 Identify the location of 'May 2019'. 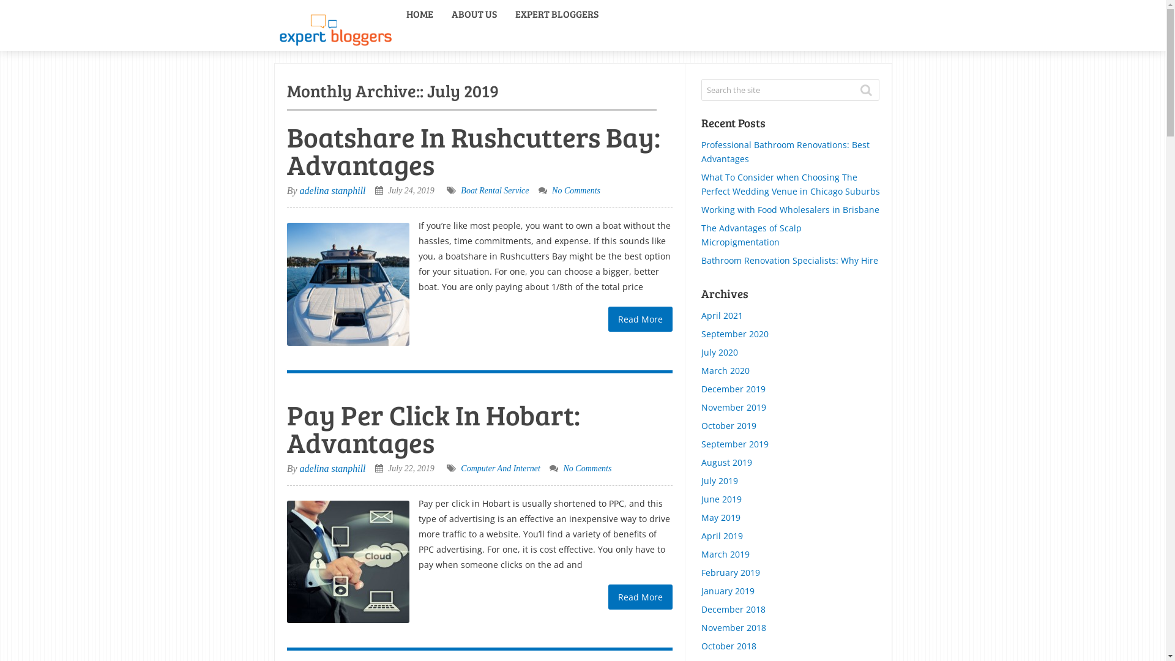
(720, 517).